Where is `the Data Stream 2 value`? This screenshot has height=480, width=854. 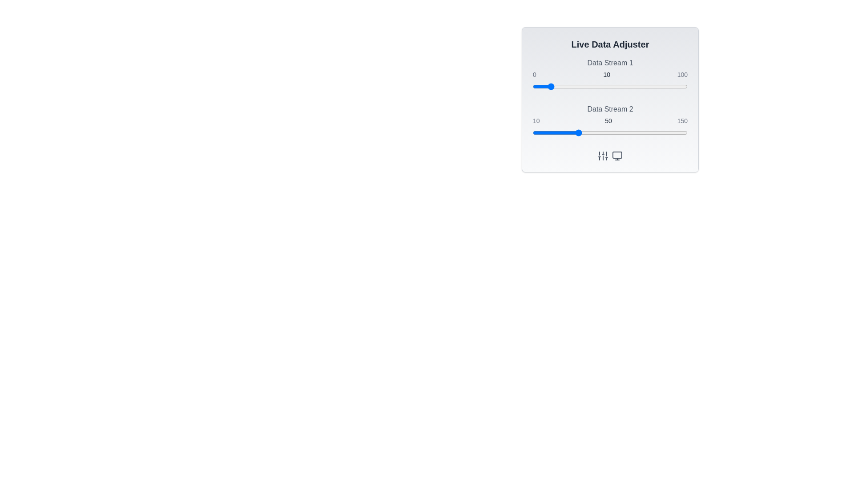 the Data Stream 2 value is located at coordinates (606, 133).